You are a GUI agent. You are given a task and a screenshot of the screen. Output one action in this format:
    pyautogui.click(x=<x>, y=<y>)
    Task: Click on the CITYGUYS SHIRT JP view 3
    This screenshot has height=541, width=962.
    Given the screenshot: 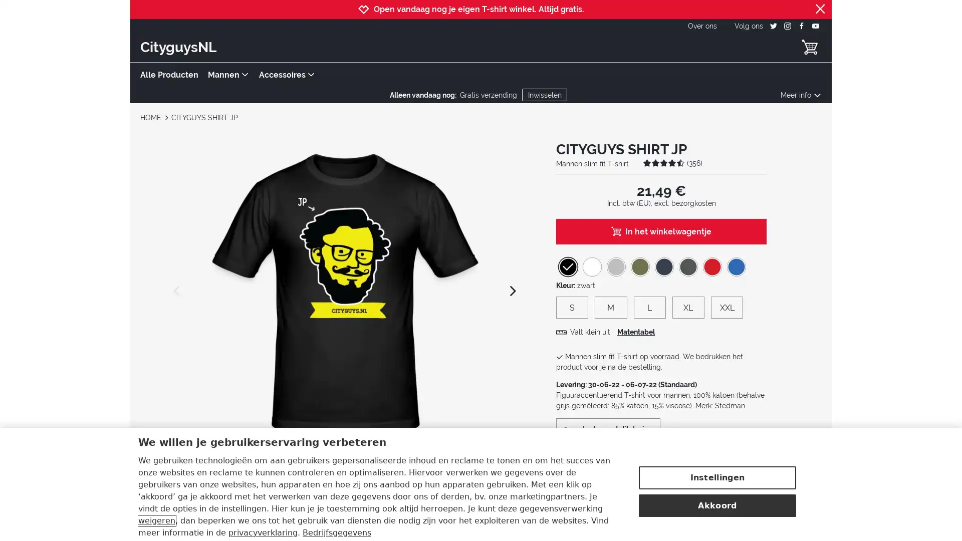 What is the action you would take?
    pyautogui.click(x=343, y=476)
    